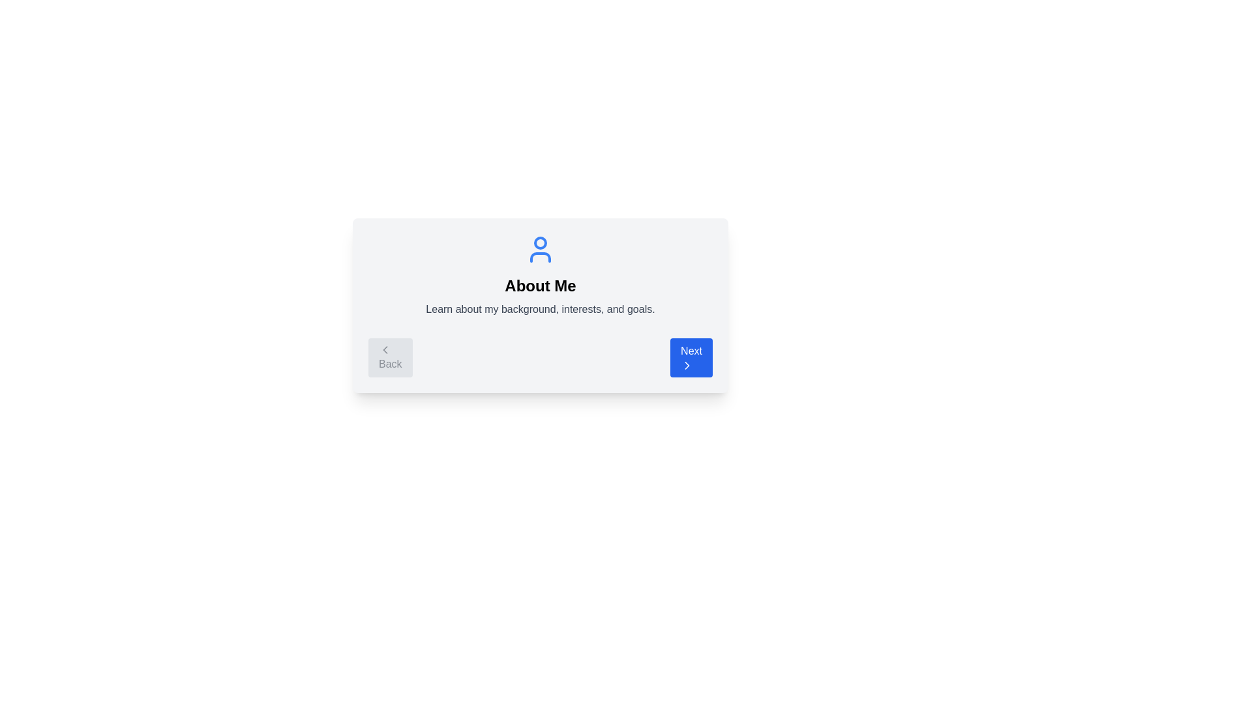 This screenshot has width=1252, height=704. What do you see at coordinates (541, 309) in the screenshot?
I see `the Text Display that contains the phrase 'Learn about my background, interests, and goals.' styled in medium-gray color and center-aligned, located below the 'About Me' heading and above the navigation buttons` at bounding box center [541, 309].